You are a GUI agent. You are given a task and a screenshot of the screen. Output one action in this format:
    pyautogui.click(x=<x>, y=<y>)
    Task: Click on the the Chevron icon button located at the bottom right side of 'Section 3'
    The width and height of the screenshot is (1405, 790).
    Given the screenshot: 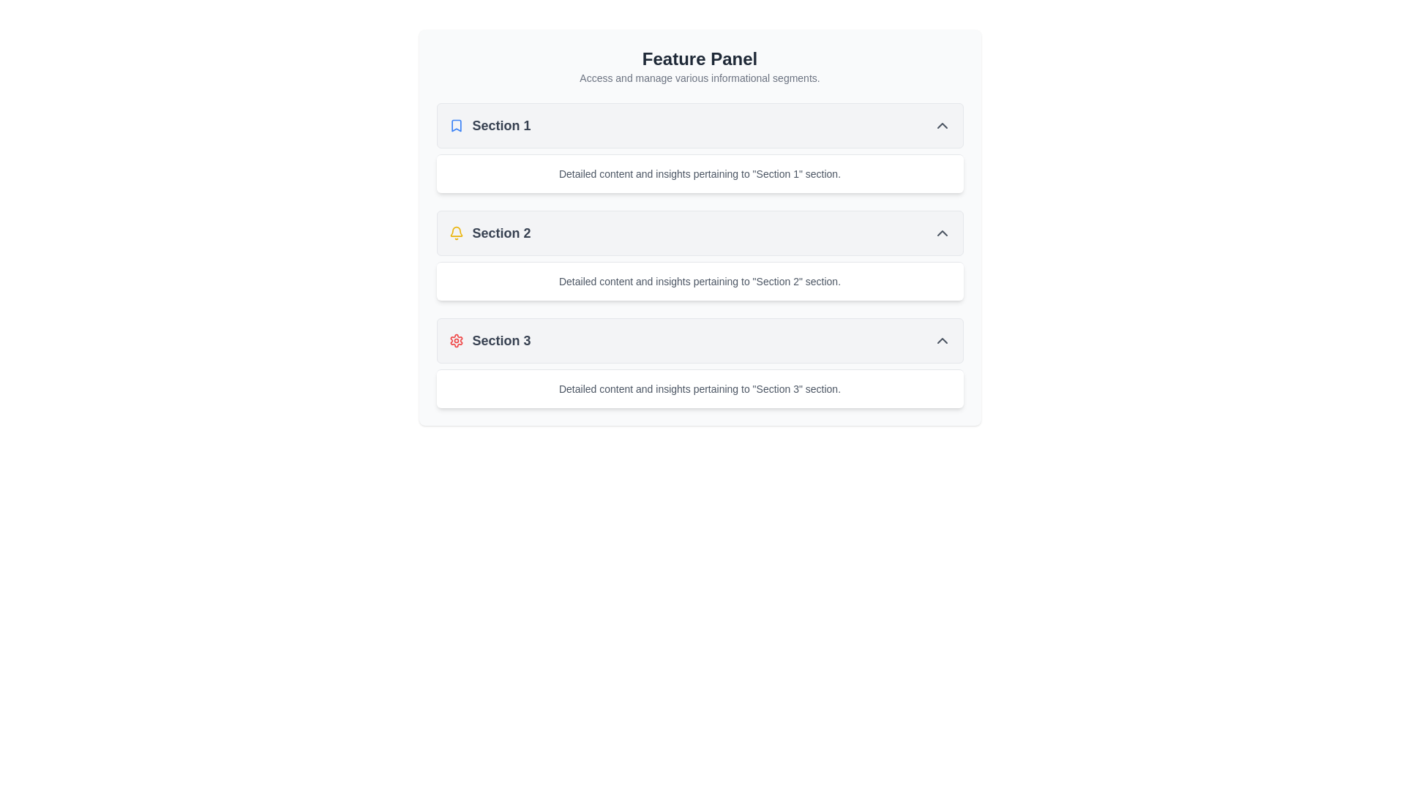 What is the action you would take?
    pyautogui.click(x=942, y=341)
    